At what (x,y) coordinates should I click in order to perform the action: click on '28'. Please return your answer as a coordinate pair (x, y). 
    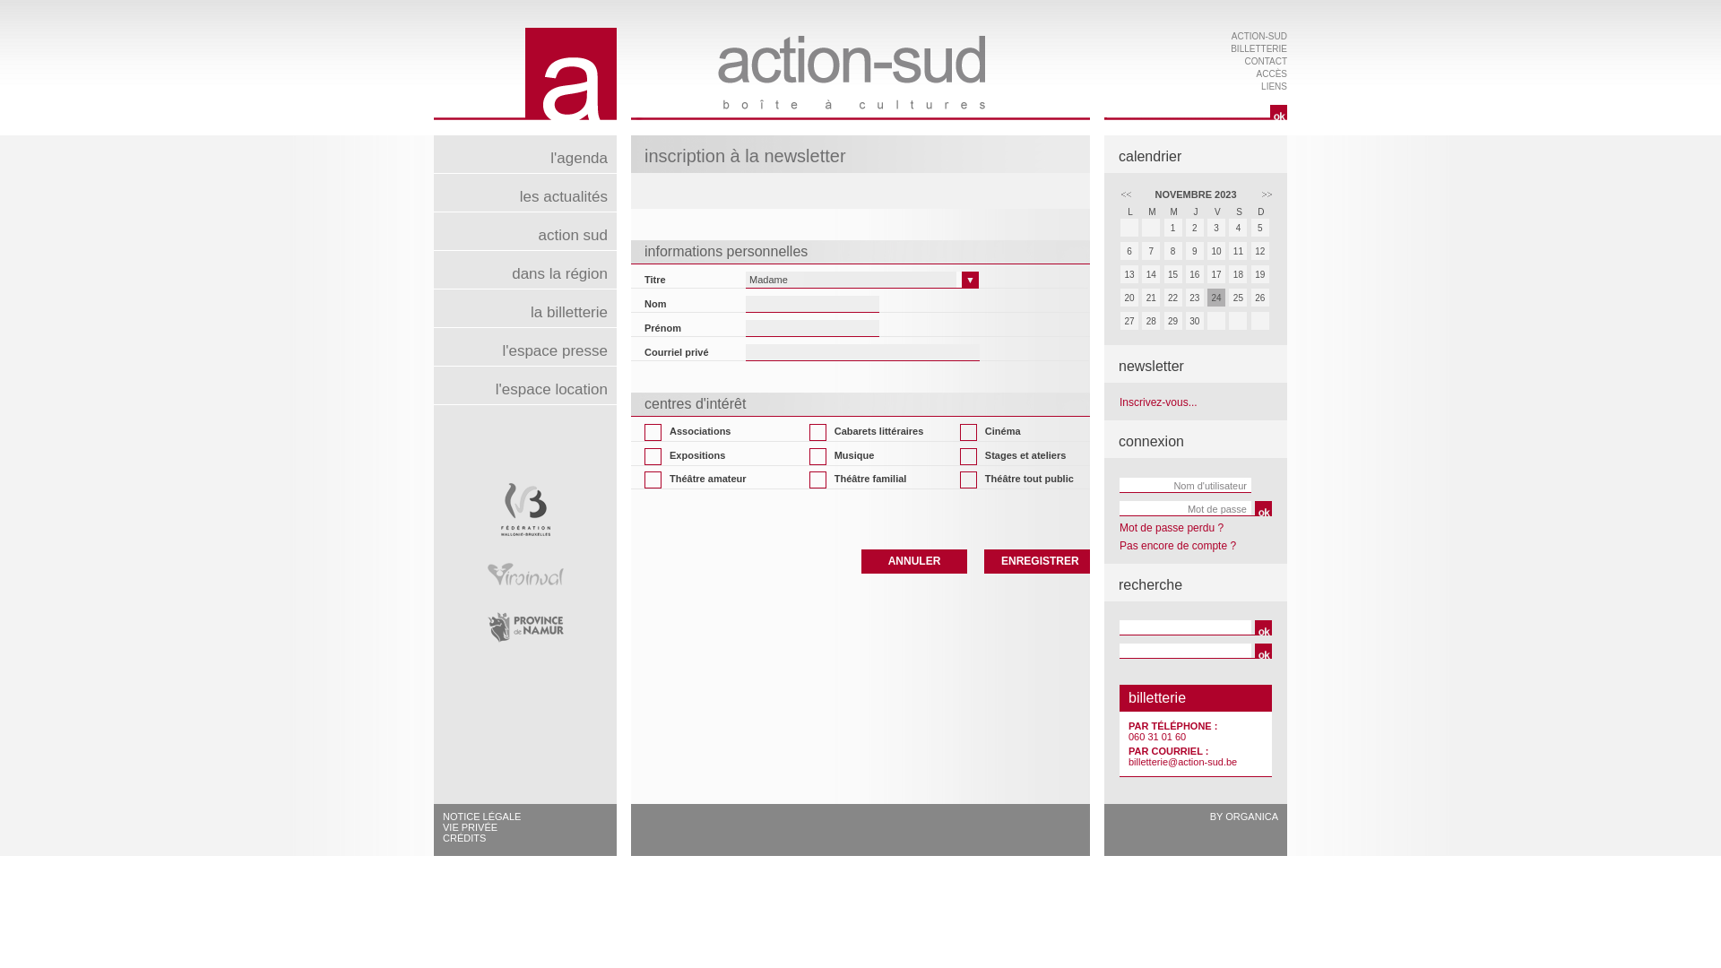
    Looking at the image, I should click on (1152, 321).